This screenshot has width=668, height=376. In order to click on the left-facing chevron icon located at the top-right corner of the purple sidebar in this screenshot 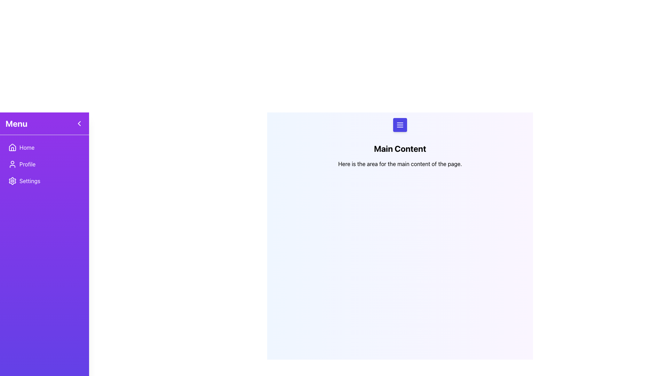, I will do `click(79, 123)`.